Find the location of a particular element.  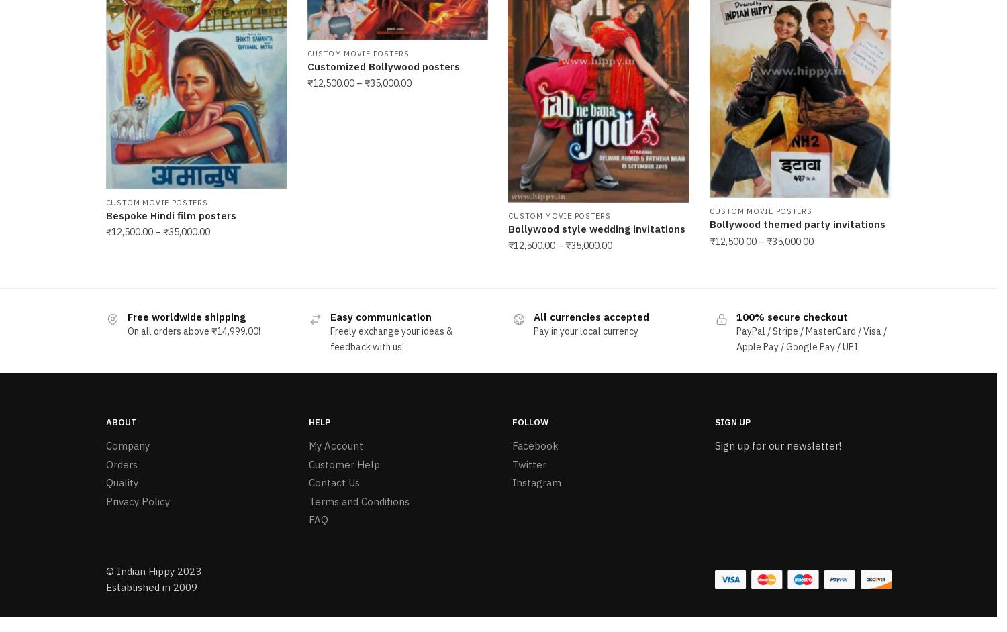

'© Indian Hippy 2023' is located at coordinates (152, 568).